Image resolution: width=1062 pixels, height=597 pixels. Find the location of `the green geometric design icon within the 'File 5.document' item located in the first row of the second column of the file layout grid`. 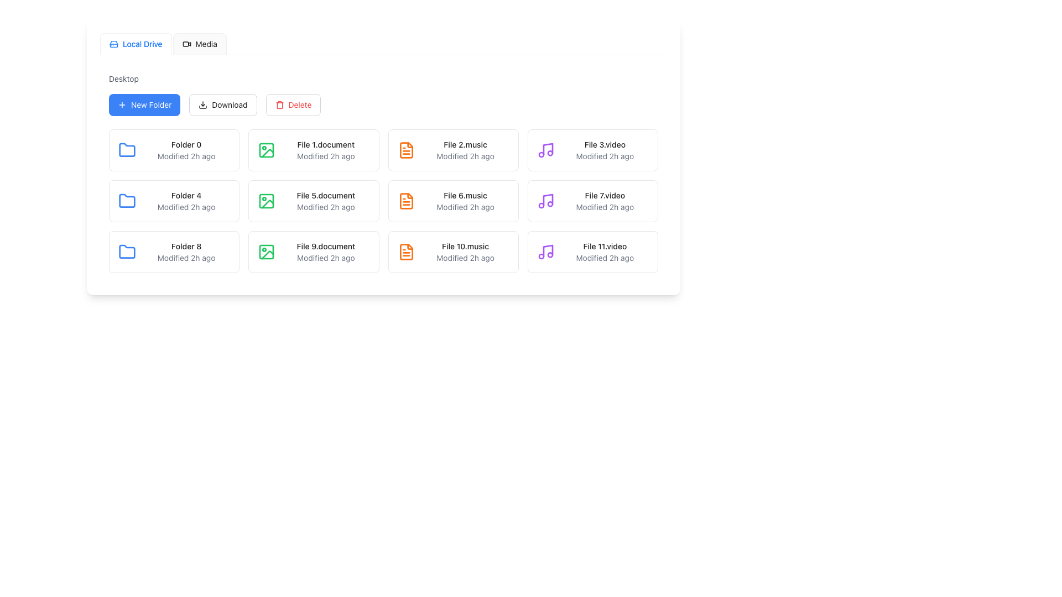

the green geometric design icon within the 'File 5.document' item located in the first row of the second column of the file layout grid is located at coordinates (267, 201).